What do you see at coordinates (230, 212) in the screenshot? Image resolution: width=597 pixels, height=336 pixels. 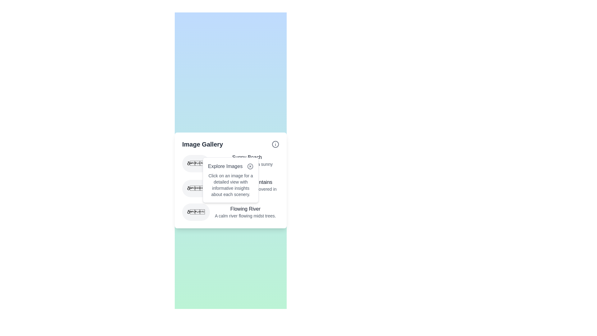 I see `the List item with the emoji icon and descriptive text that reads 'Flowing River,' located at the bottom of the vertical list inside the 'Image Gallery' card` at bounding box center [230, 212].